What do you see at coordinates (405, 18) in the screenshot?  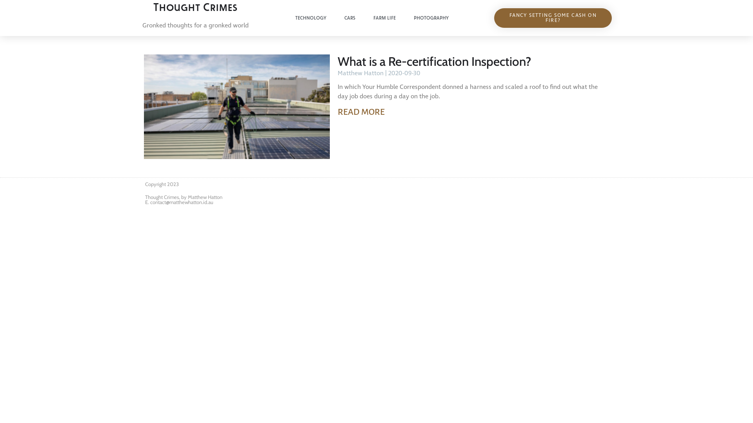 I see `'PHOTOGRAPHY'` at bounding box center [405, 18].